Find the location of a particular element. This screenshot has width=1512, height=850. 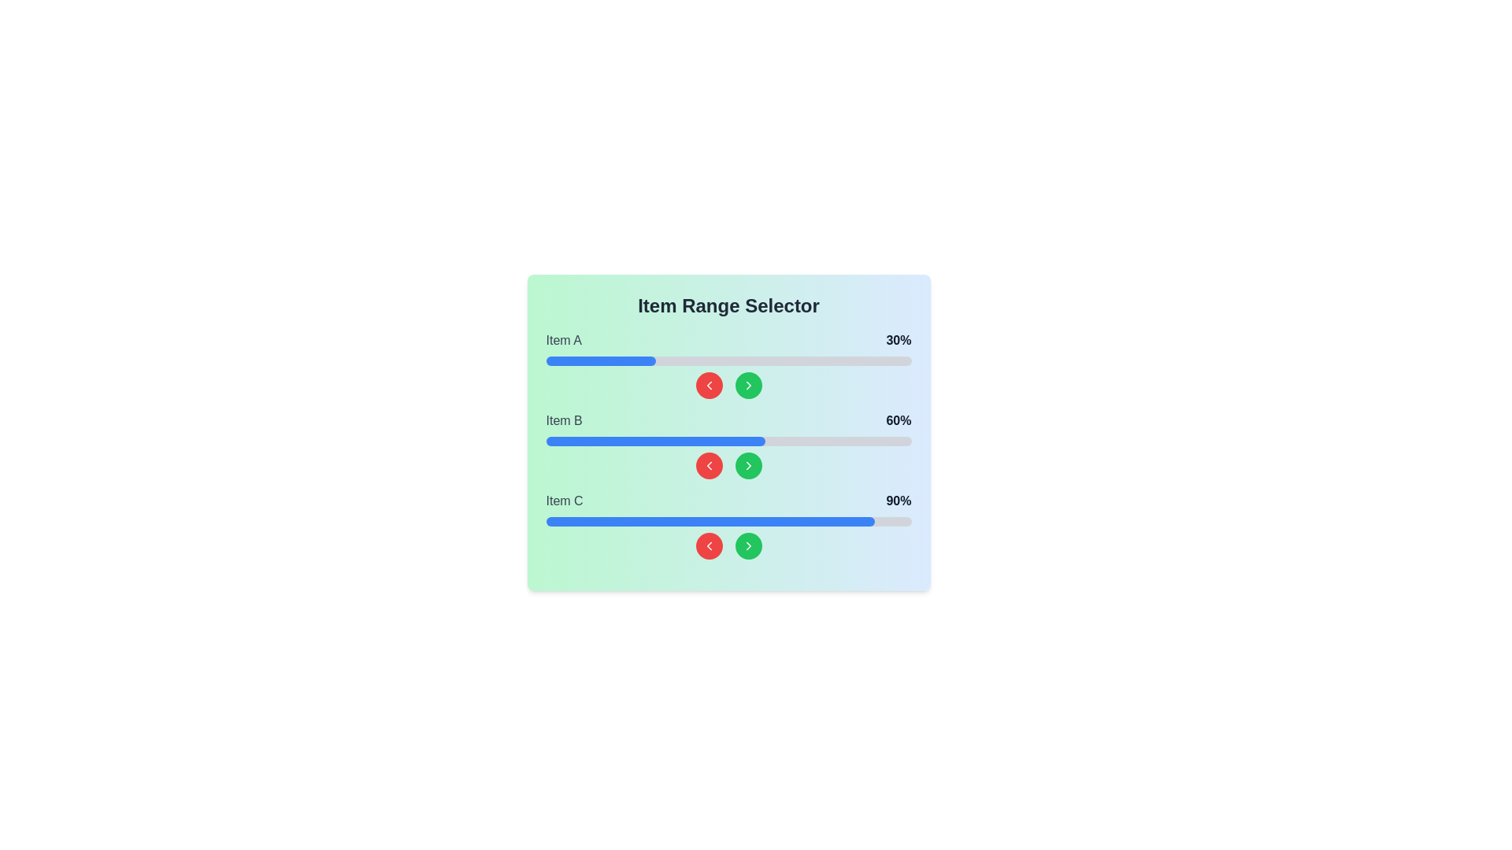

the small, circular green button with a white rightward-pointing arrow is located at coordinates (747, 385).